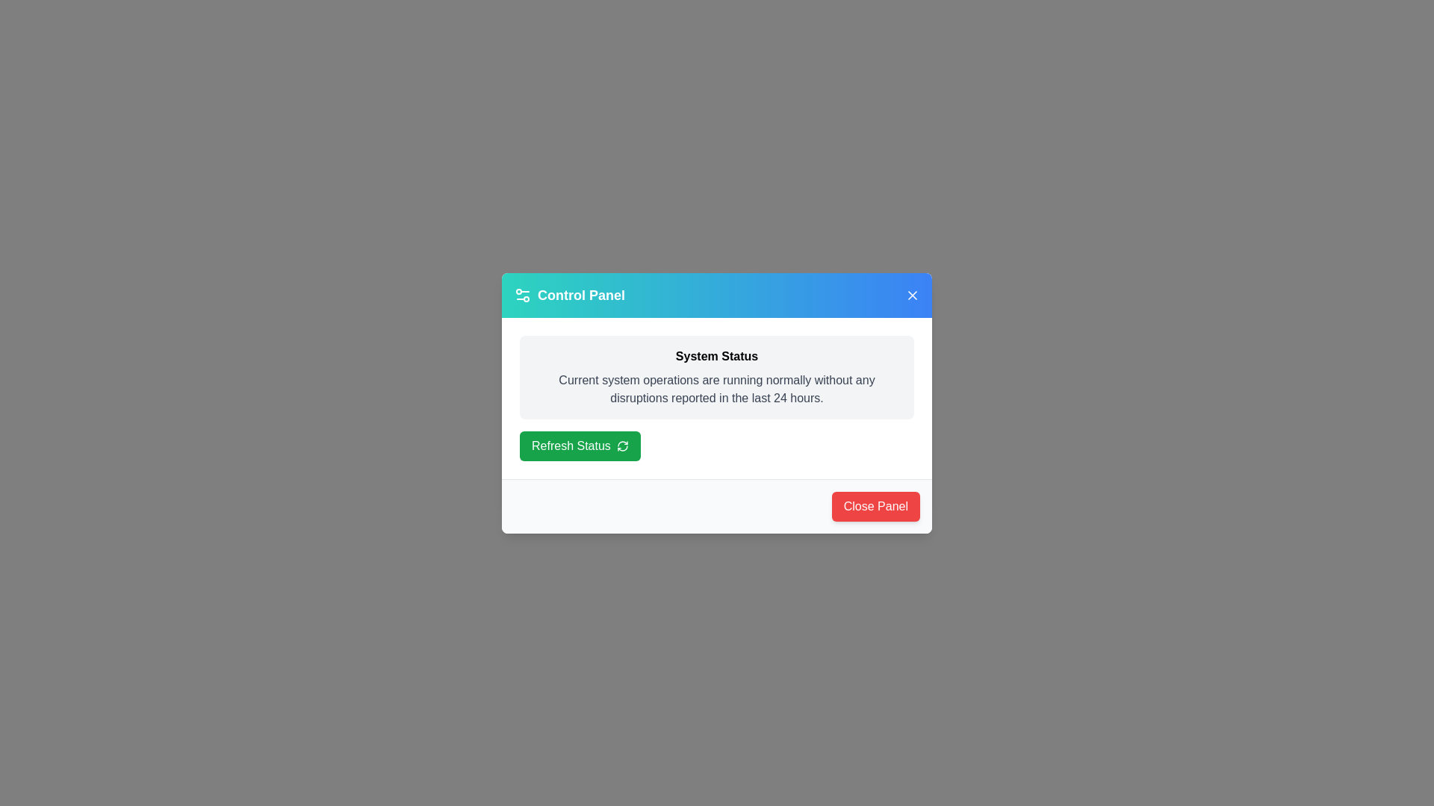  I want to click on close button at the bottom-right corner of the dialog, so click(875, 505).